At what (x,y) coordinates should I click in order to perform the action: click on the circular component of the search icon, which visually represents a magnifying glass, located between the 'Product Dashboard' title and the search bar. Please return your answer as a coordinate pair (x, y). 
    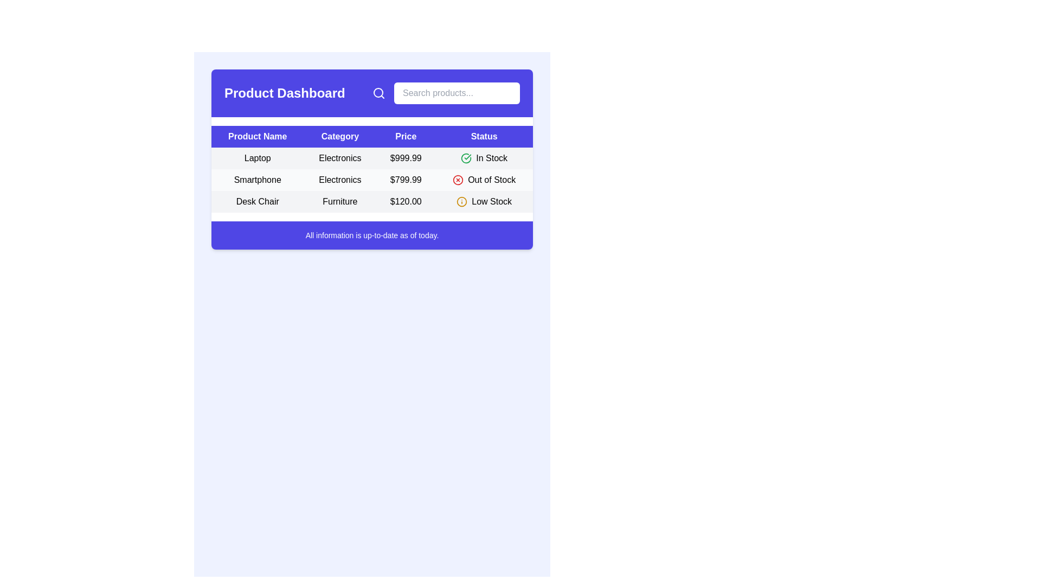
    Looking at the image, I should click on (378, 92).